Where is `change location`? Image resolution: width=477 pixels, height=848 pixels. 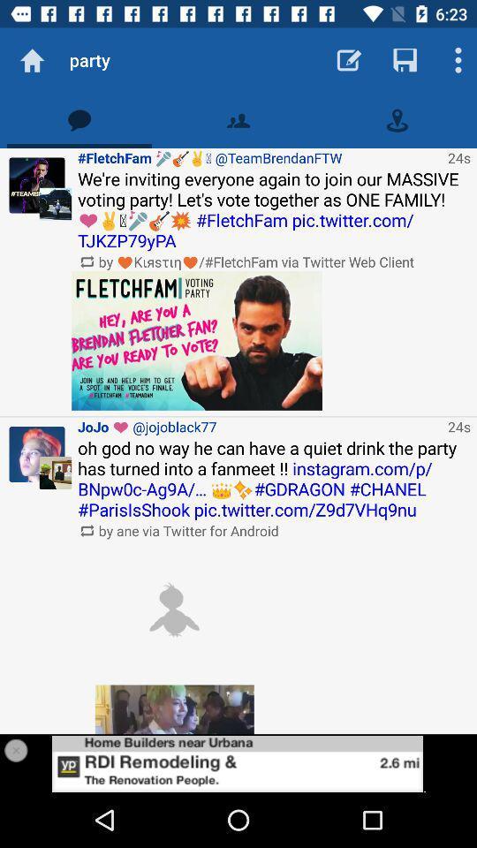
change location is located at coordinates (397, 119).